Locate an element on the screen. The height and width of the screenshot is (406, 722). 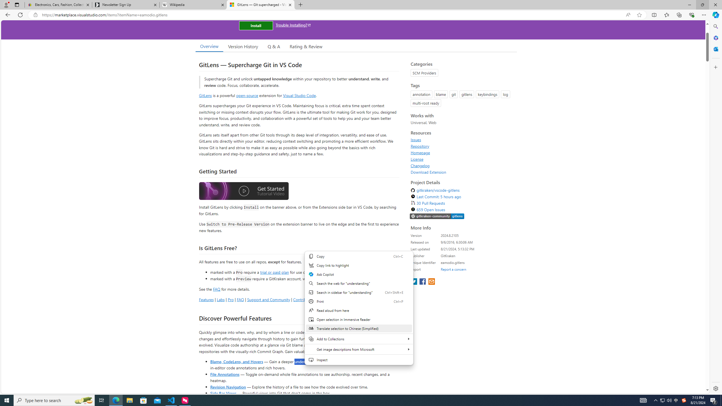
'trial or paid plan' is located at coordinates (274, 272).